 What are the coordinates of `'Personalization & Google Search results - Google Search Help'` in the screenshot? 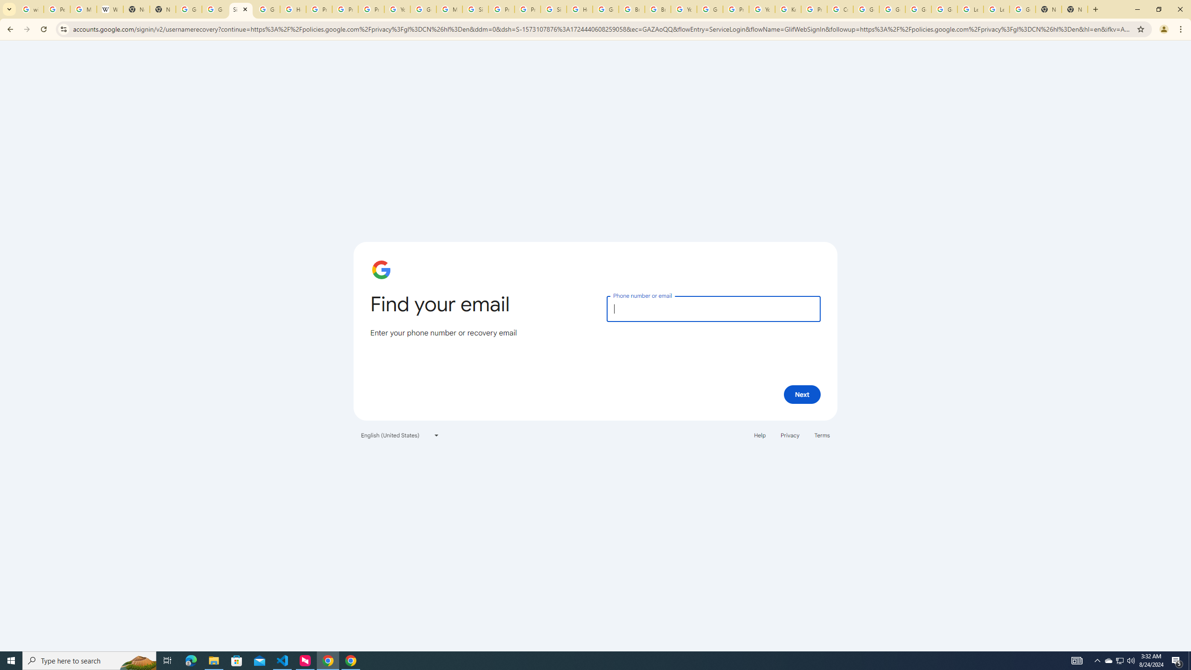 It's located at (56, 9).